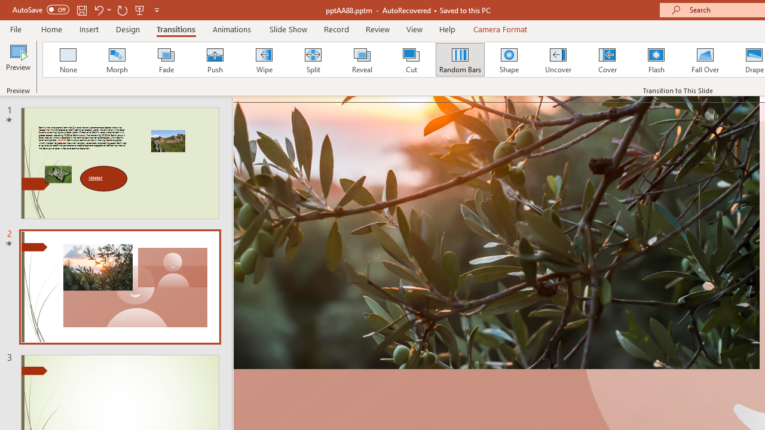  What do you see at coordinates (705, 60) in the screenshot?
I see `'Fall Over'` at bounding box center [705, 60].